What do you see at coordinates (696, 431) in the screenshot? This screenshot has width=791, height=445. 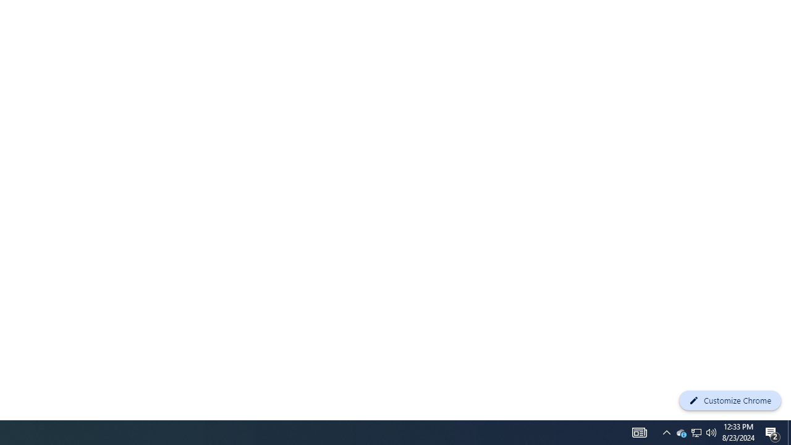 I see `'User Promoted Notification Area'` at bounding box center [696, 431].